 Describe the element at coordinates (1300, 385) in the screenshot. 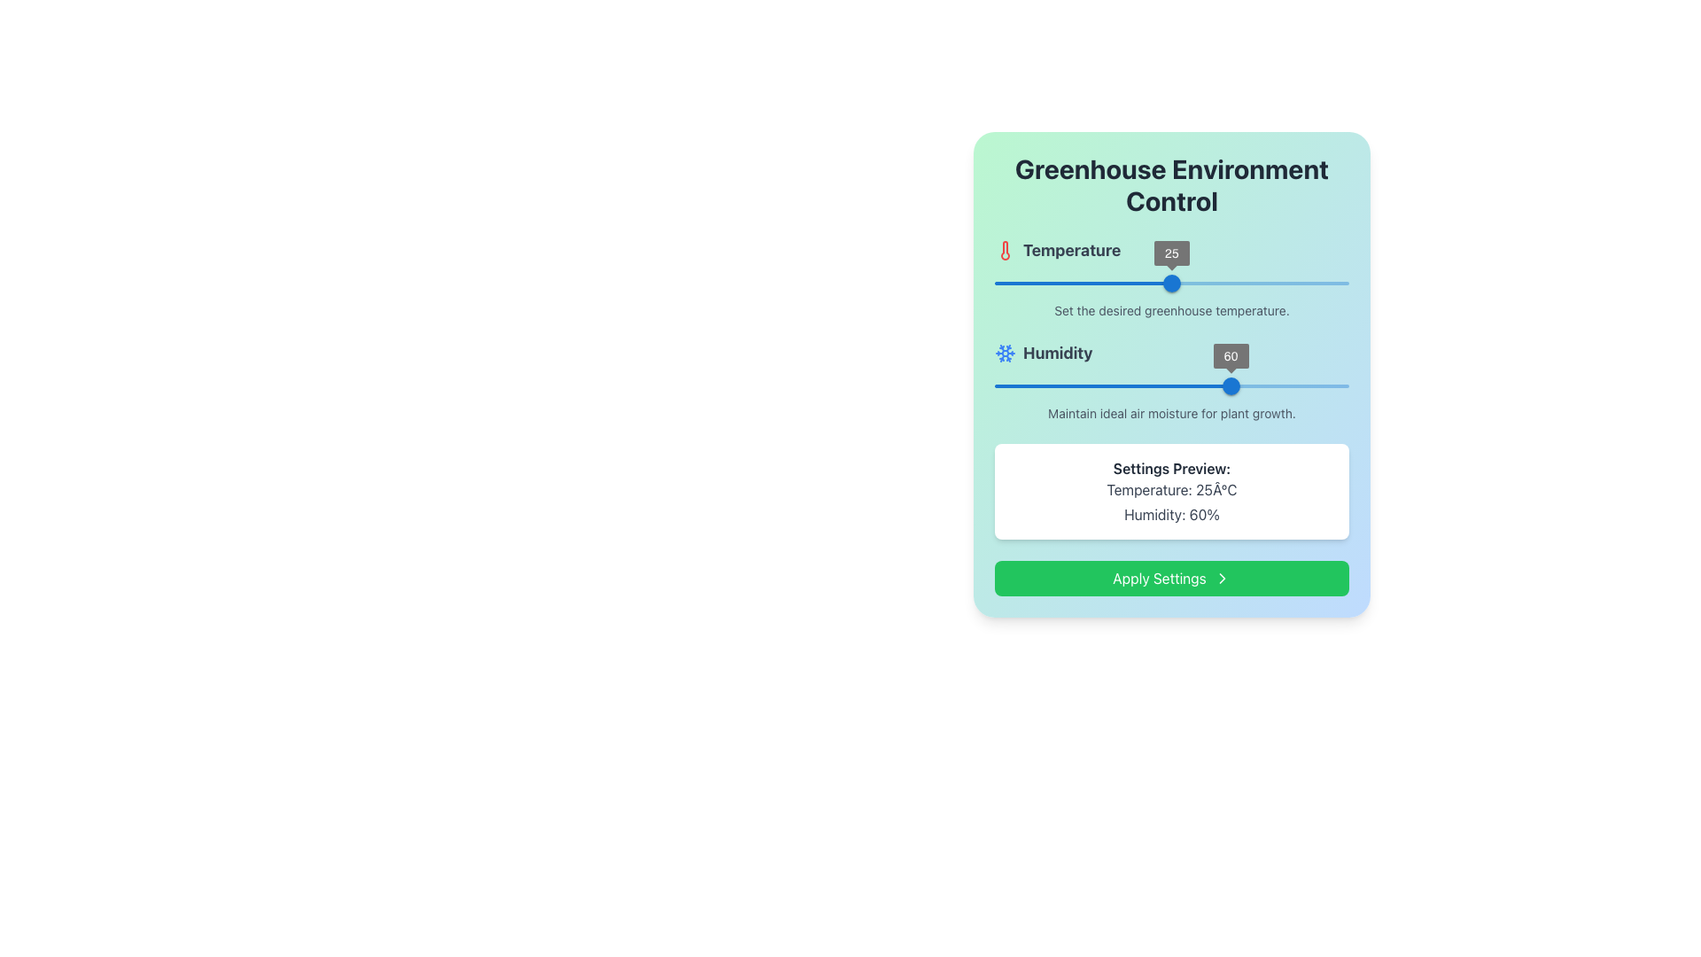

I see `the humidity` at that location.